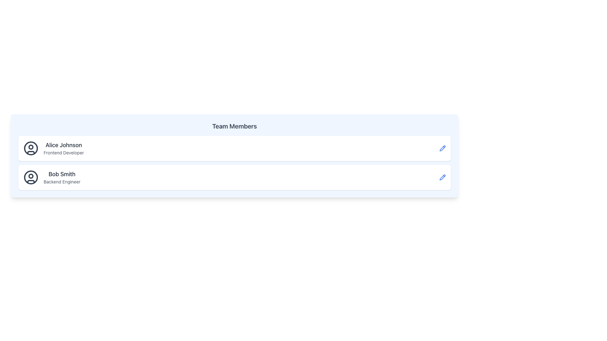  Describe the element at coordinates (64, 145) in the screenshot. I see `the text element displaying the name 'Alice Johnson', which is in bold, medium font size and dark gray color, located near the upper-left corner of the team member's card` at that location.